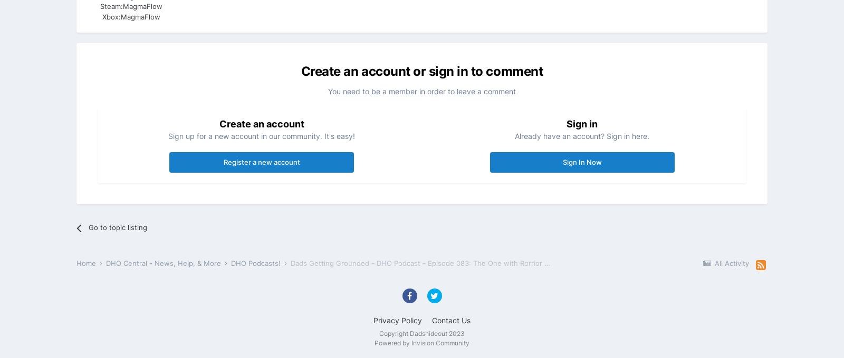  I want to click on 'Sign in', so click(582, 124).